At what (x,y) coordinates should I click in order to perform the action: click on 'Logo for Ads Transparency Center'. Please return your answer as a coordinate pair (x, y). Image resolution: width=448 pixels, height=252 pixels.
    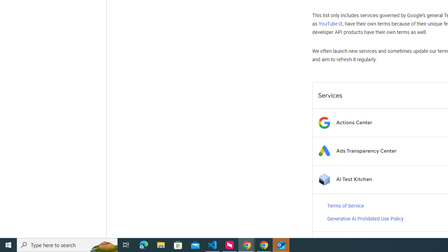
    Looking at the image, I should click on (324, 150).